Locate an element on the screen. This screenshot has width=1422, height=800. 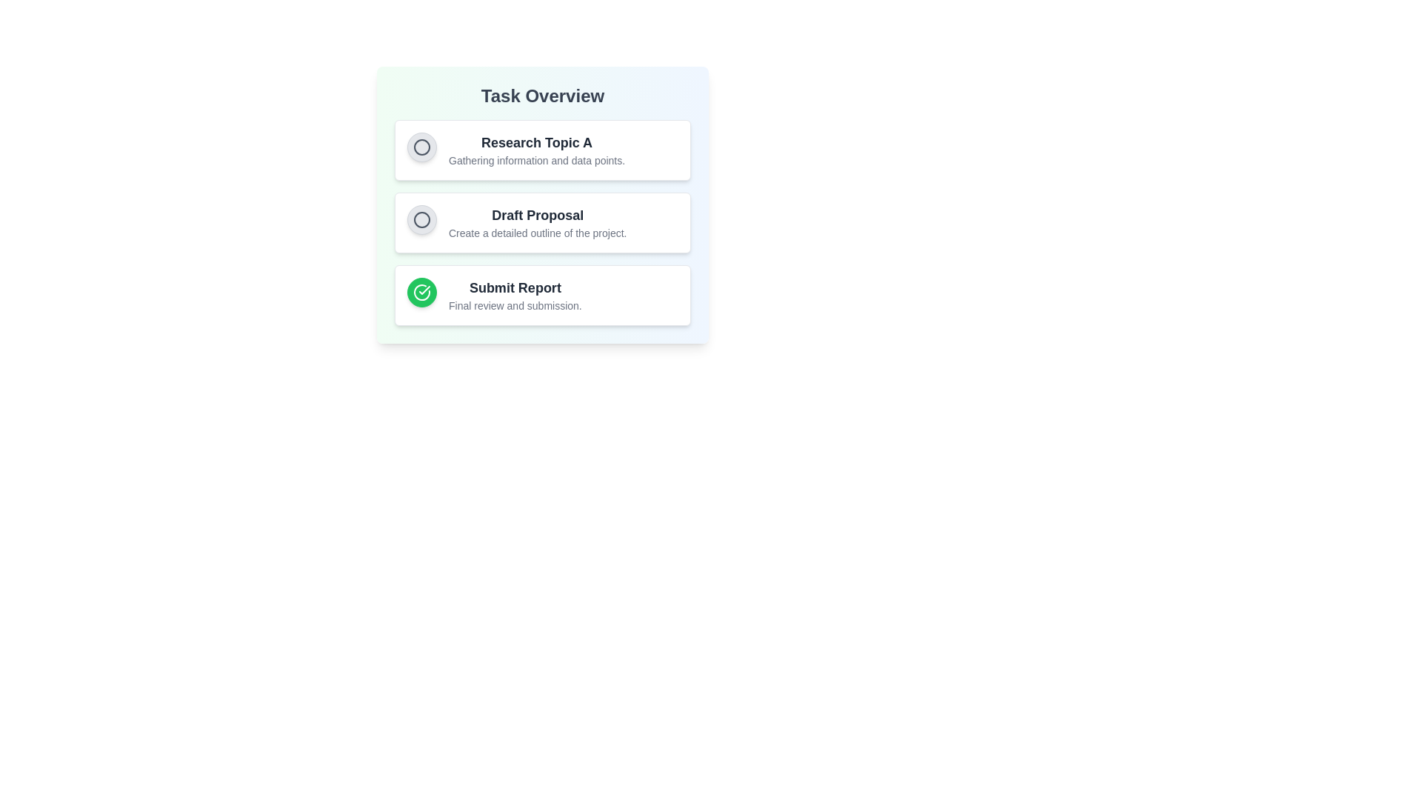
the Interactive icon associated with the 'Draft Proposal' task is located at coordinates (421, 220).